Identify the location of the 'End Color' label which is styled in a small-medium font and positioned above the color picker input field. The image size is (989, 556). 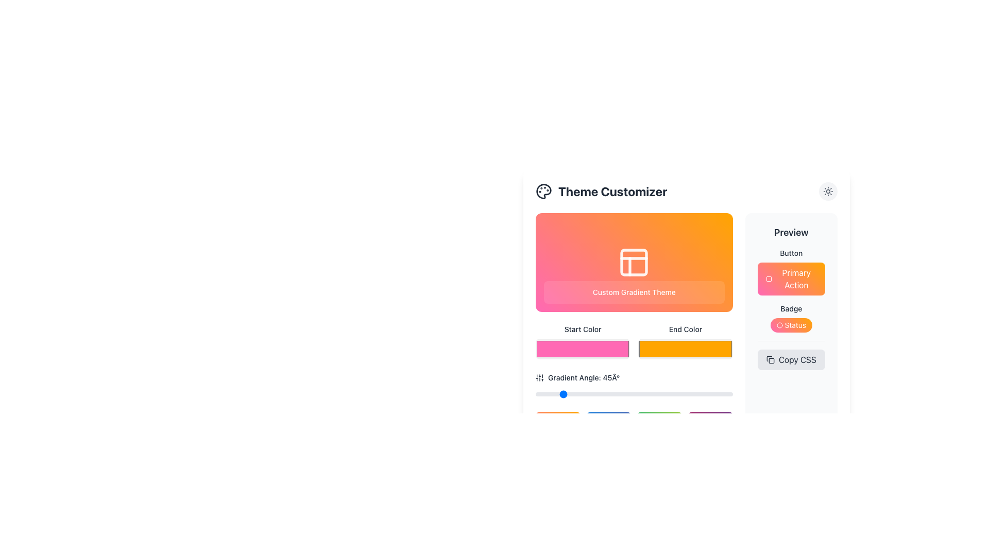
(685, 329).